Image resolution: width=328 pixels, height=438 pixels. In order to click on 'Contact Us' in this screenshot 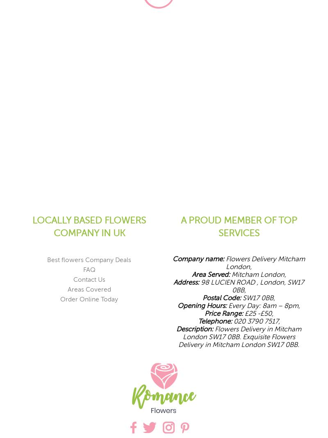, I will do `click(89, 279)`.